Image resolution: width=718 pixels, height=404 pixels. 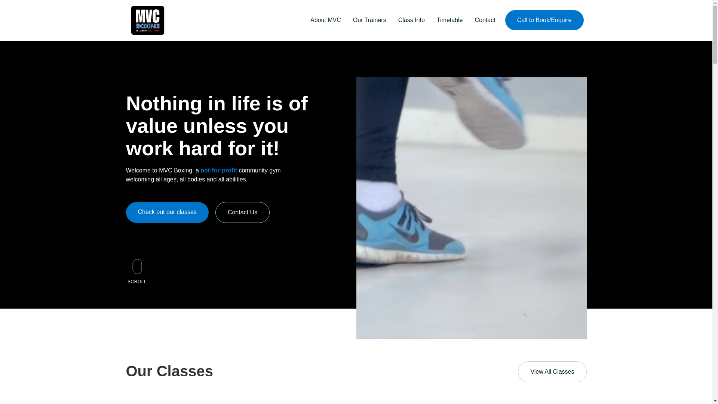 I want to click on 'Call to Book/Enquire', so click(x=505, y=20).